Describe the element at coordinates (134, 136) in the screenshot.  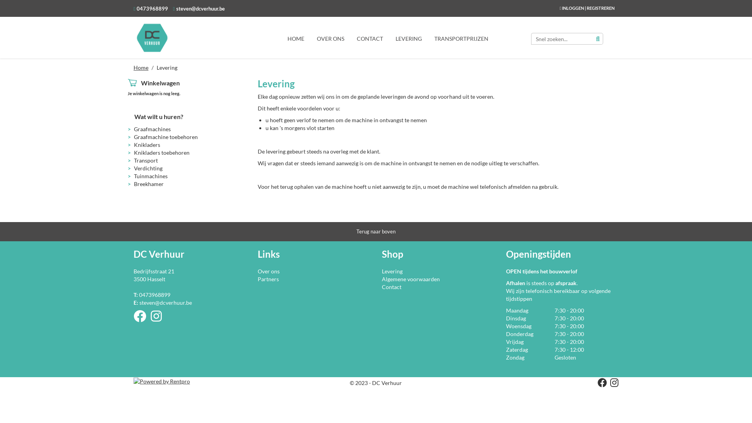
I see `'Graafmachine toebehoren'` at that location.